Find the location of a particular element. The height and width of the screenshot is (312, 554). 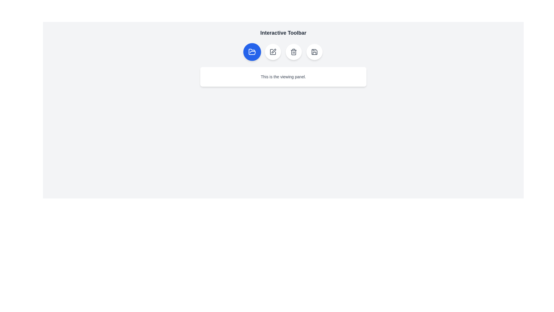

the Informational Panel with the text 'This is the viewing panel.' which is centrally located below the Interactive Toolbar and above the circular action buttons is located at coordinates (283, 77).